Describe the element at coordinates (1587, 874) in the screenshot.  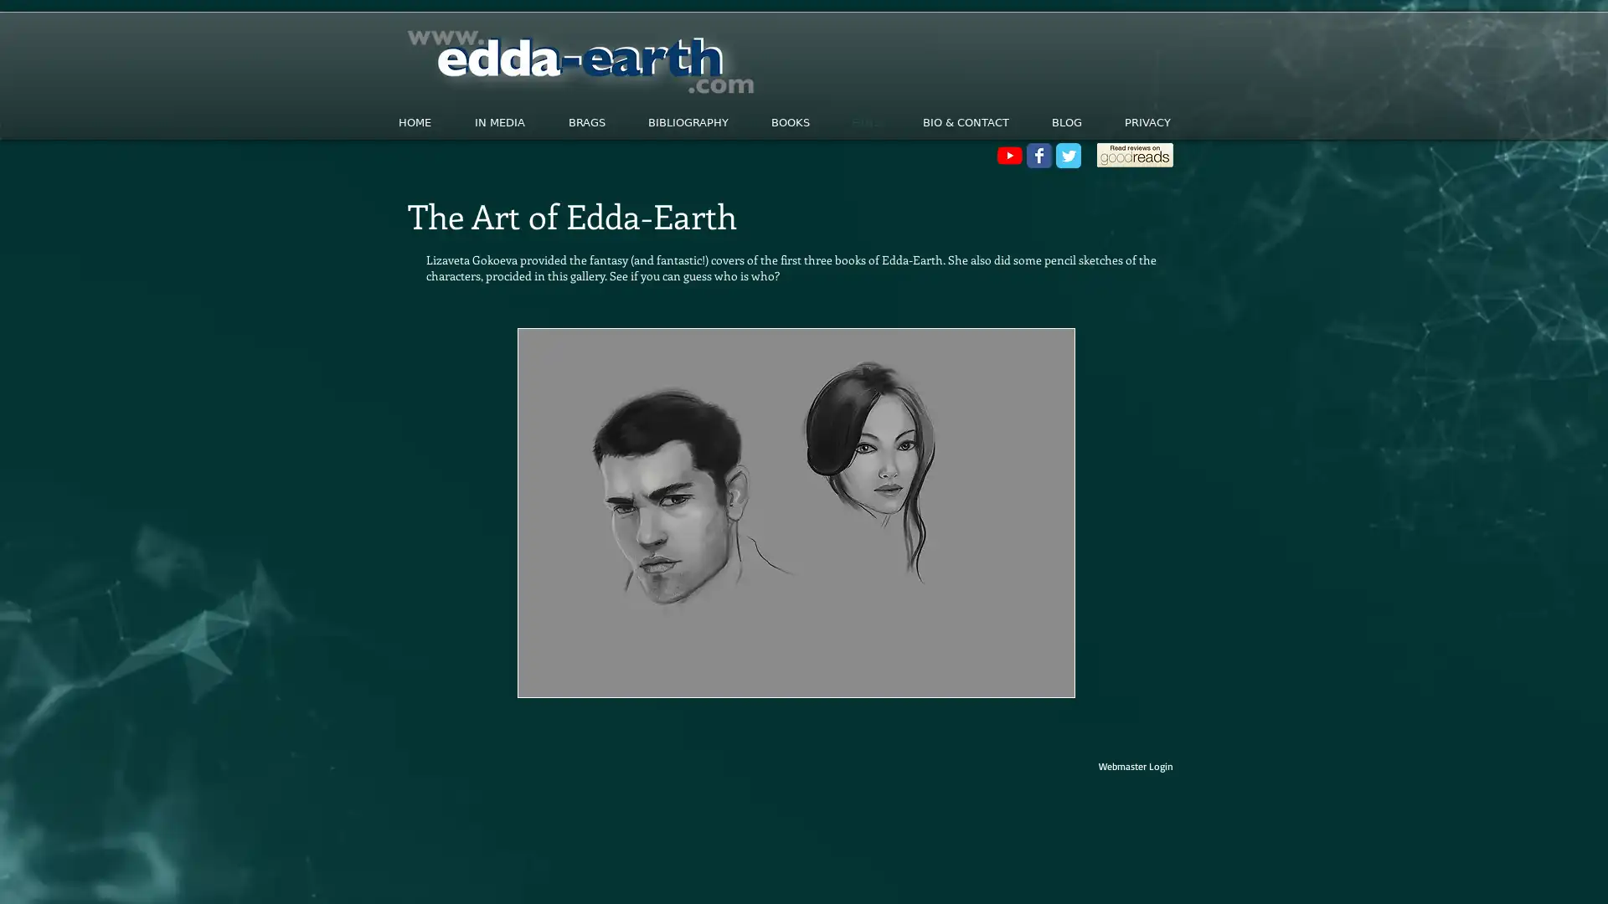
I see `Close` at that location.